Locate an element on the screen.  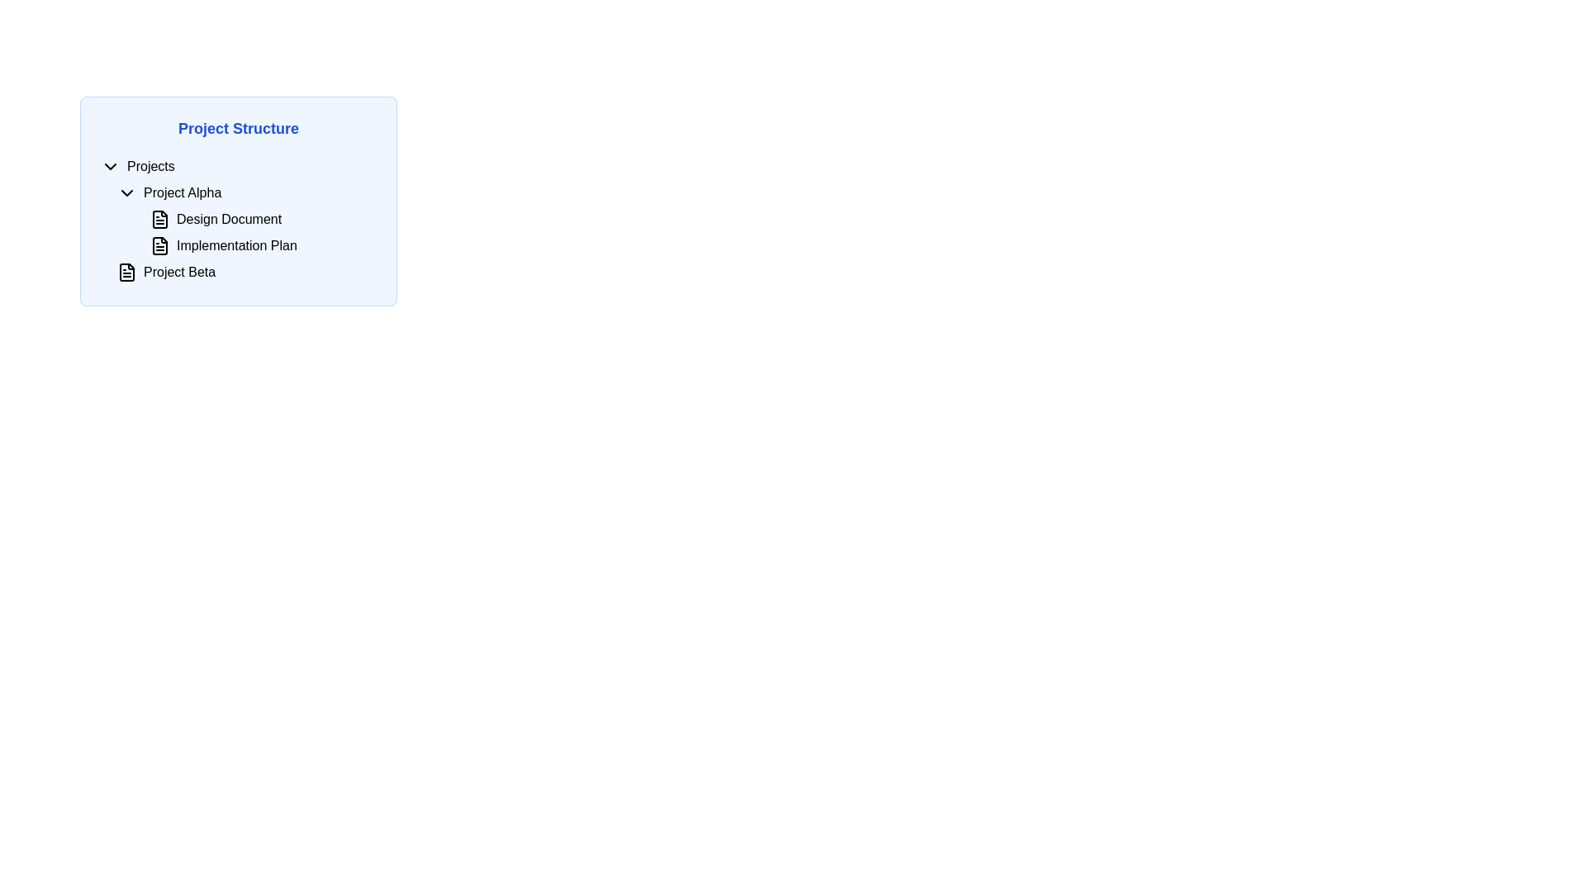
the 'Projects' text label element, which is styled in a bold font and located within a collapsible menu section, positioned to the right of a downward-pointing chevron icon is located at coordinates (150, 166).